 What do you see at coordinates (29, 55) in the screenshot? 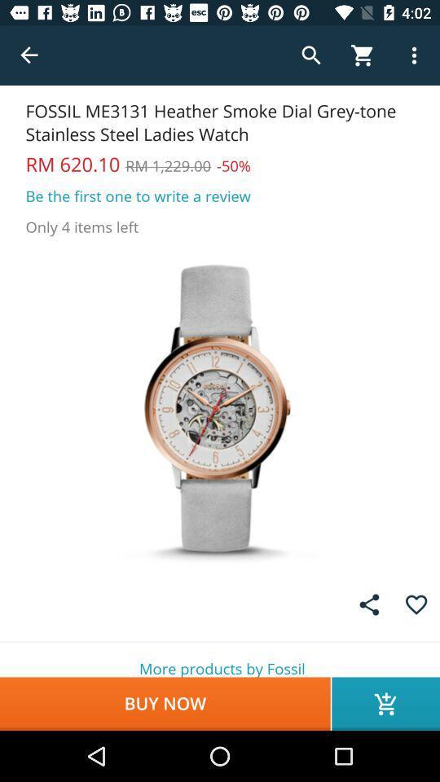
I see `go back` at bounding box center [29, 55].